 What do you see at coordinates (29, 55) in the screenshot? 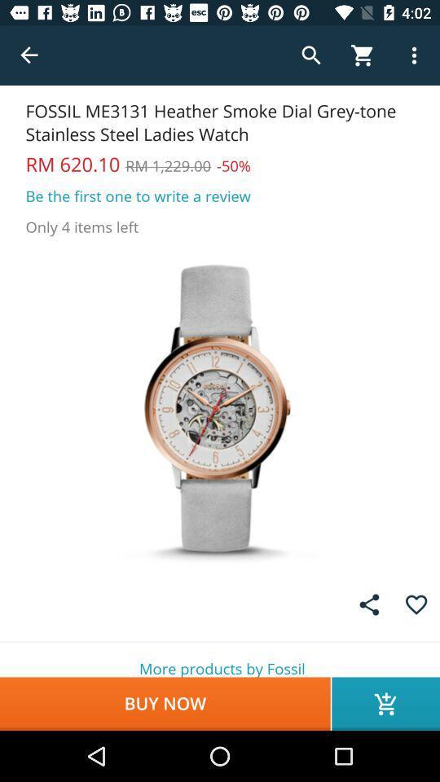
I see `go back` at bounding box center [29, 55].